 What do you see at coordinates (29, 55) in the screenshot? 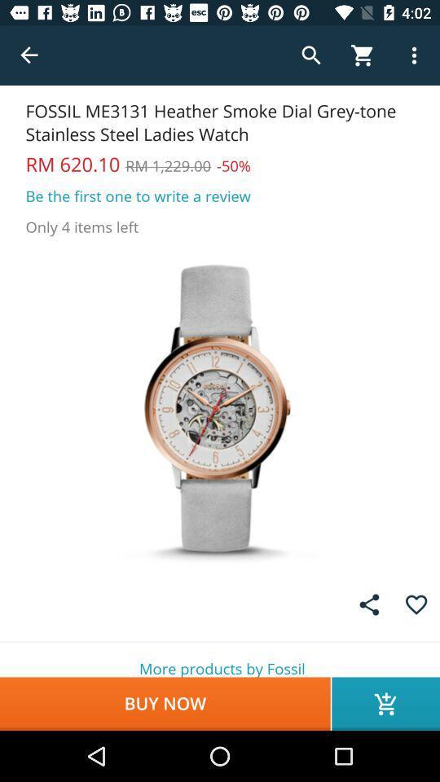
I see `go back` at bounding box center [29, 55].